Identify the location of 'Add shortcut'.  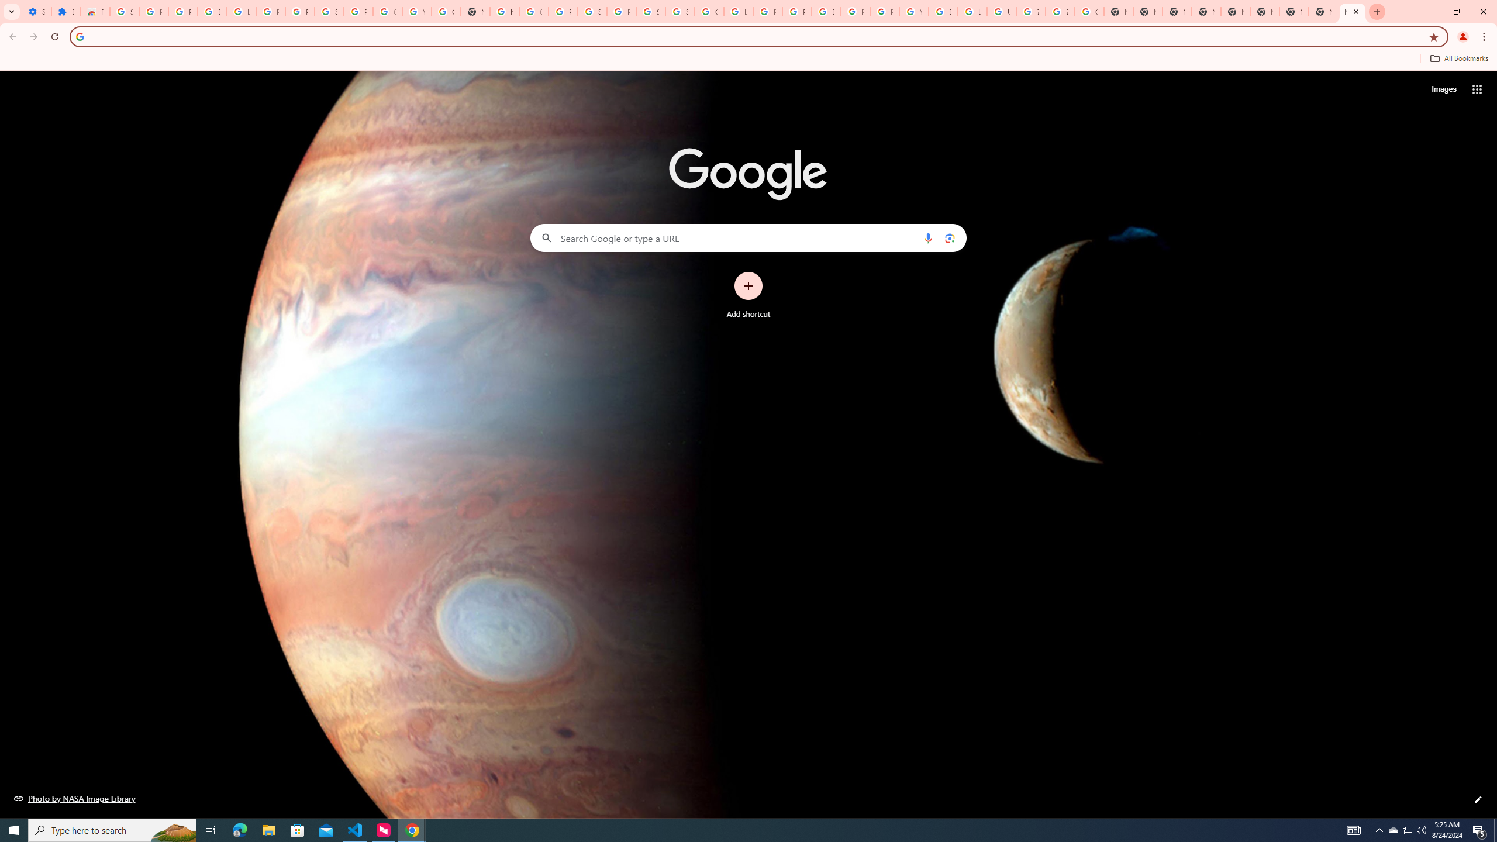
(748, 295).